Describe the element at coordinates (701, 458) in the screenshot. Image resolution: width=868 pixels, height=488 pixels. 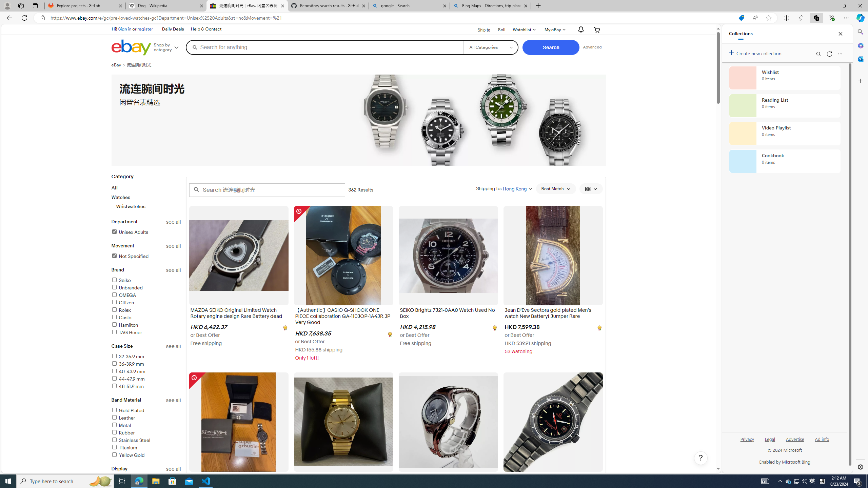
I see `'Help, opens dialogs'` at that location.